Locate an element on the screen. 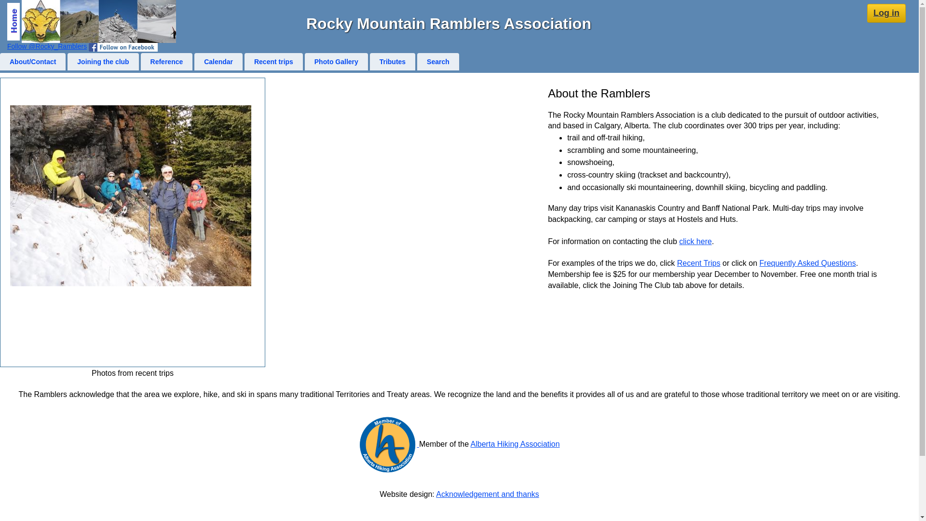 This screenshot has height=521, width=926. 'Alberta Hiking Association' is located at coordinates (515, 444).